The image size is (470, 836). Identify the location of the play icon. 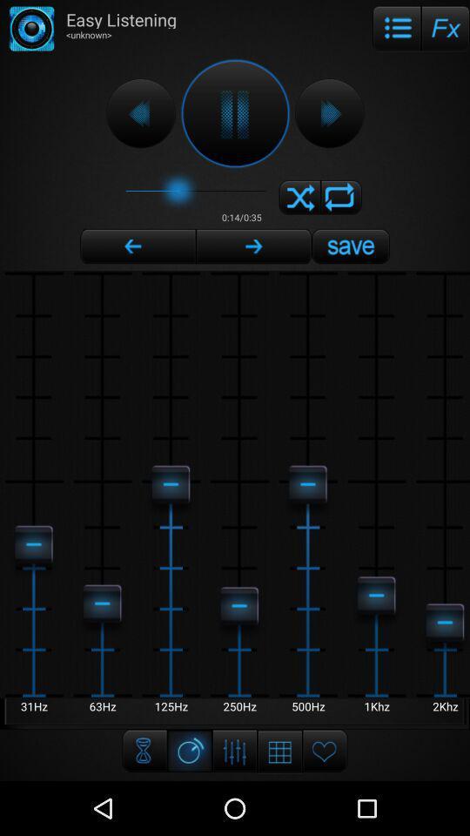
(329, 120).